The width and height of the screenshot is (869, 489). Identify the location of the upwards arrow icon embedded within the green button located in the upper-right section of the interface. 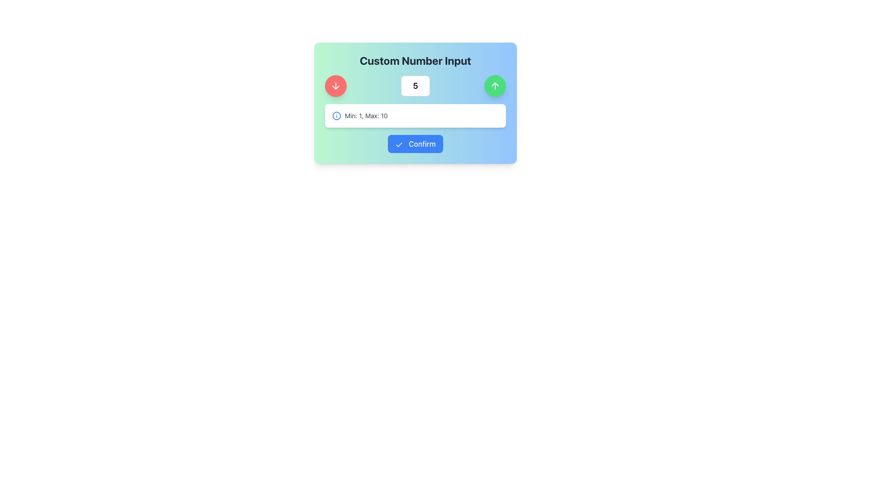
(495, 86).